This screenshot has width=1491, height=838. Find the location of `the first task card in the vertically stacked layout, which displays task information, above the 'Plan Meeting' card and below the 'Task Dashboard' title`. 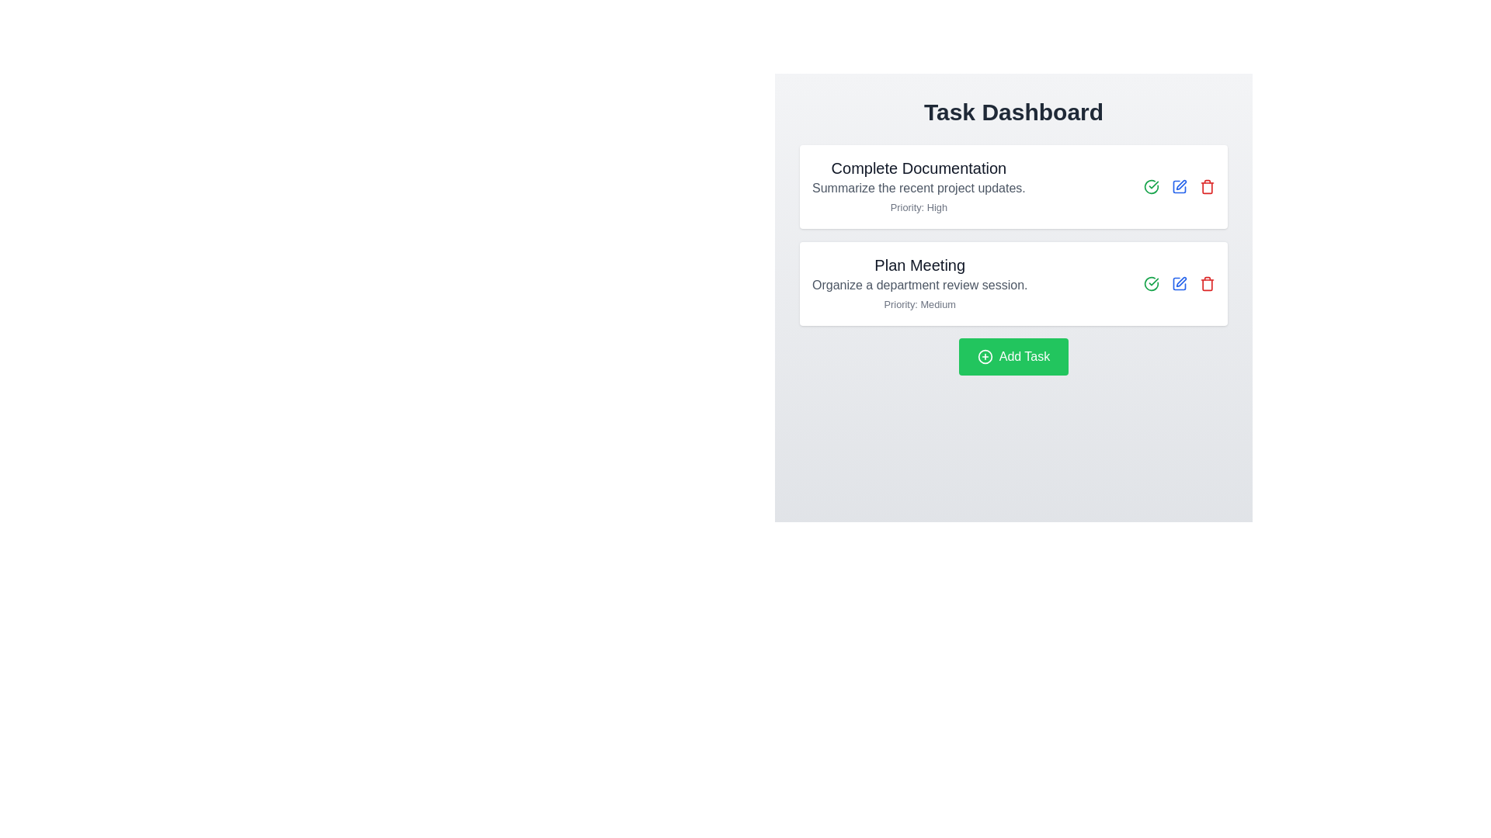

the first task card in the vertically stacked layout, which displays task information, above the 'Plan Meeting' card and below the 'Task Dashboard' title is located at coordinates (1013, 185).